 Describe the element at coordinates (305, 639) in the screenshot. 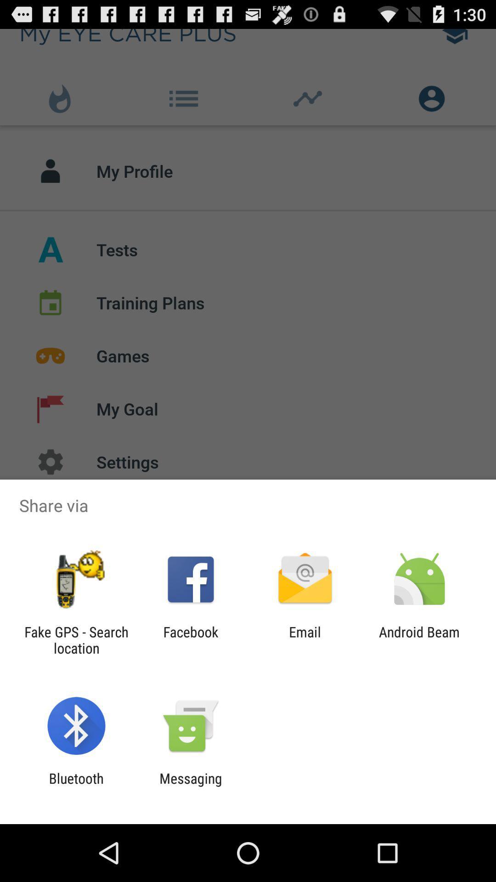

I see `item to the right of the facebook` at that location.